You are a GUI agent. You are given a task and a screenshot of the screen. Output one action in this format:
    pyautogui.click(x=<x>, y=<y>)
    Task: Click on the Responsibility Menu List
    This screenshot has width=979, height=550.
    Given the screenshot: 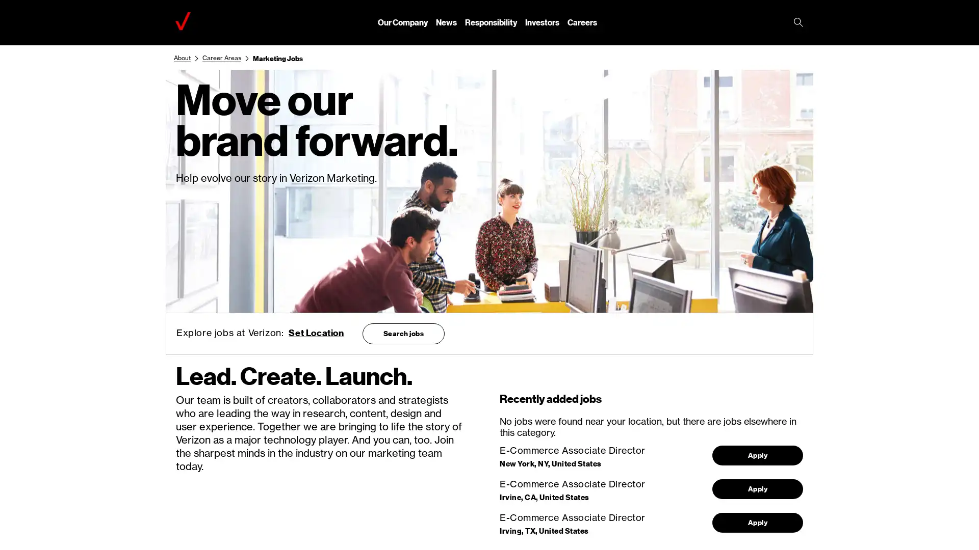 What is the action you would take?
    pyautogui.click(x=491, y=22)
    